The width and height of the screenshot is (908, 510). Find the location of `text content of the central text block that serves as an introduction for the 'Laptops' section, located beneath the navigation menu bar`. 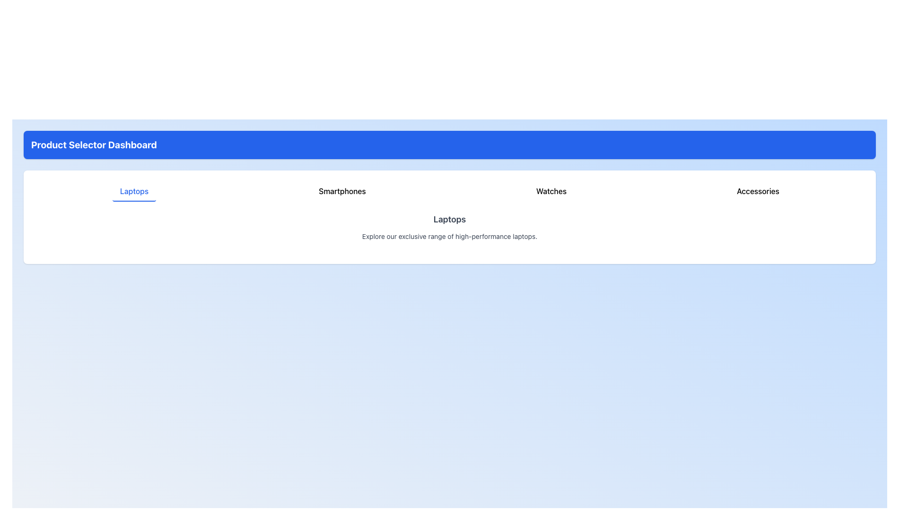

text content of the central text block that serves as an introduction for the 'Laptops' section, located beneath the navigation menu bar is located at coordinates (449, 227).